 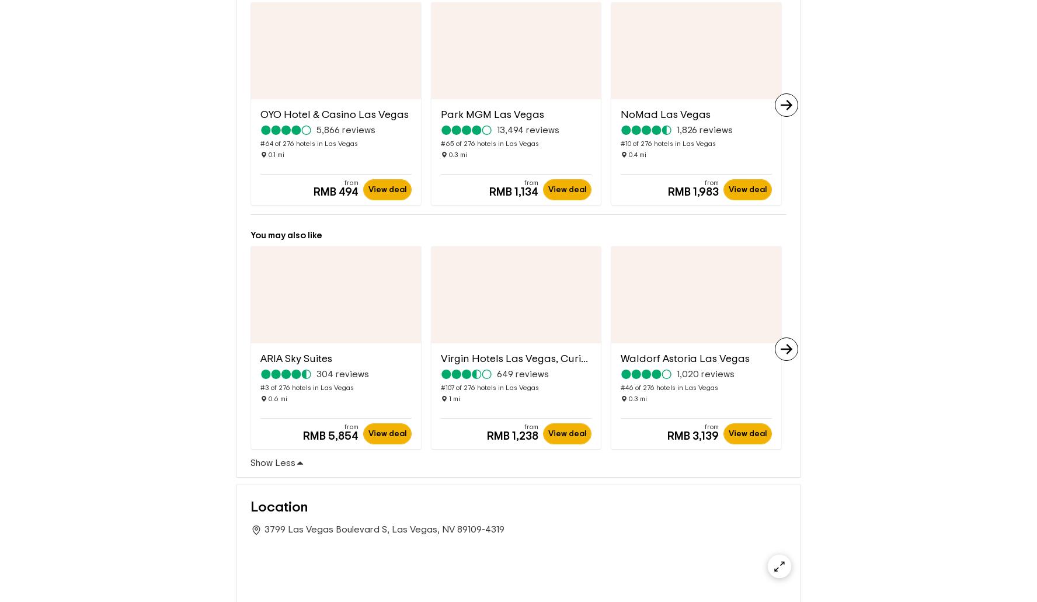 I want to click on 'OYO Hotel & Casino Las Vegas', so click(x=259, y=95).